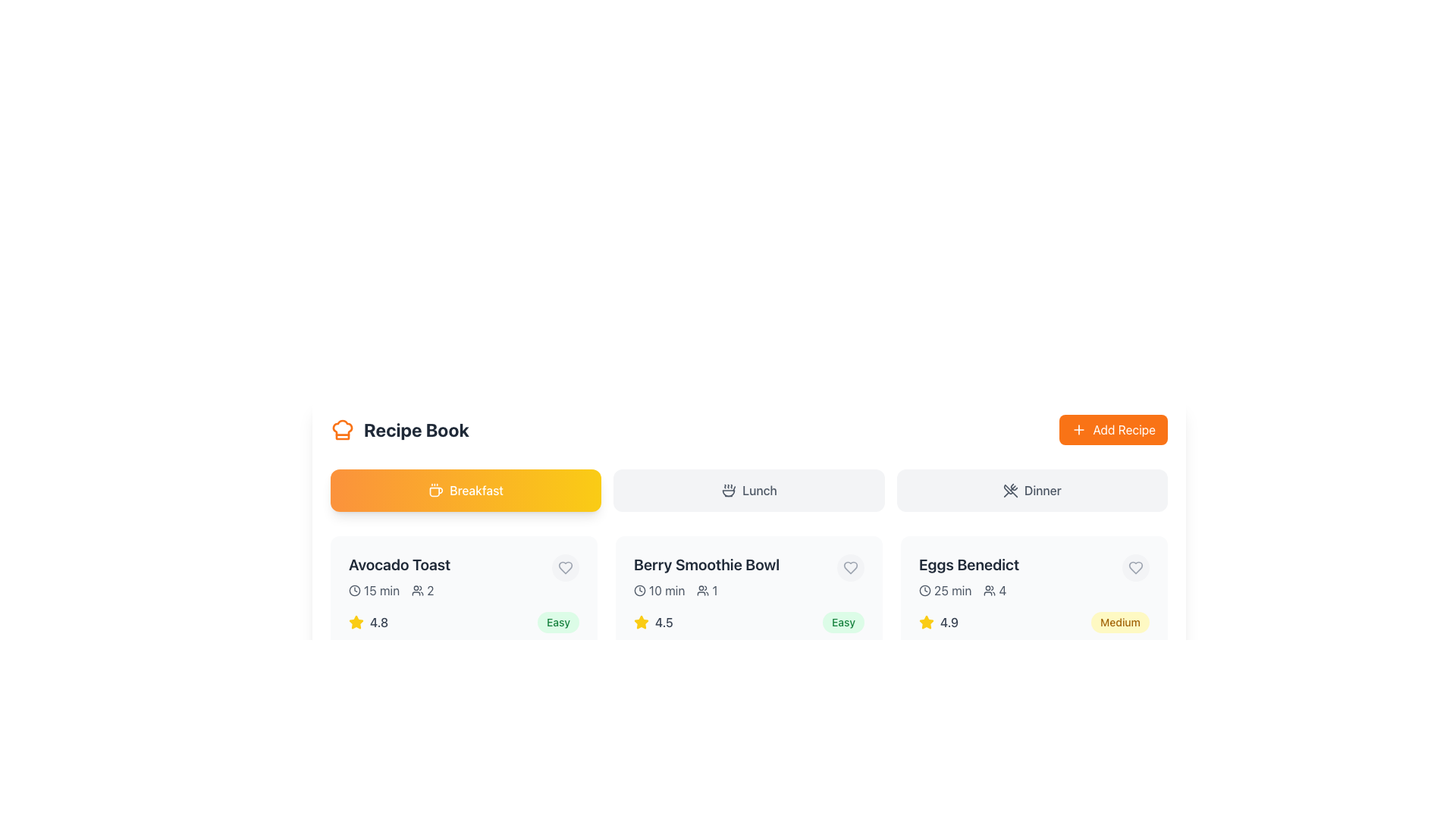 Image resolution: width=1456 pixels, height=819 pixels. Describe the element at coordinates (926, 623) in the screenshot. I see `the yellow star-shaped icon representing a rating or favorite indicator located in the 'Eggs Benedict' card, near the bottom left corner, preceding the text '4.9'` at that location.